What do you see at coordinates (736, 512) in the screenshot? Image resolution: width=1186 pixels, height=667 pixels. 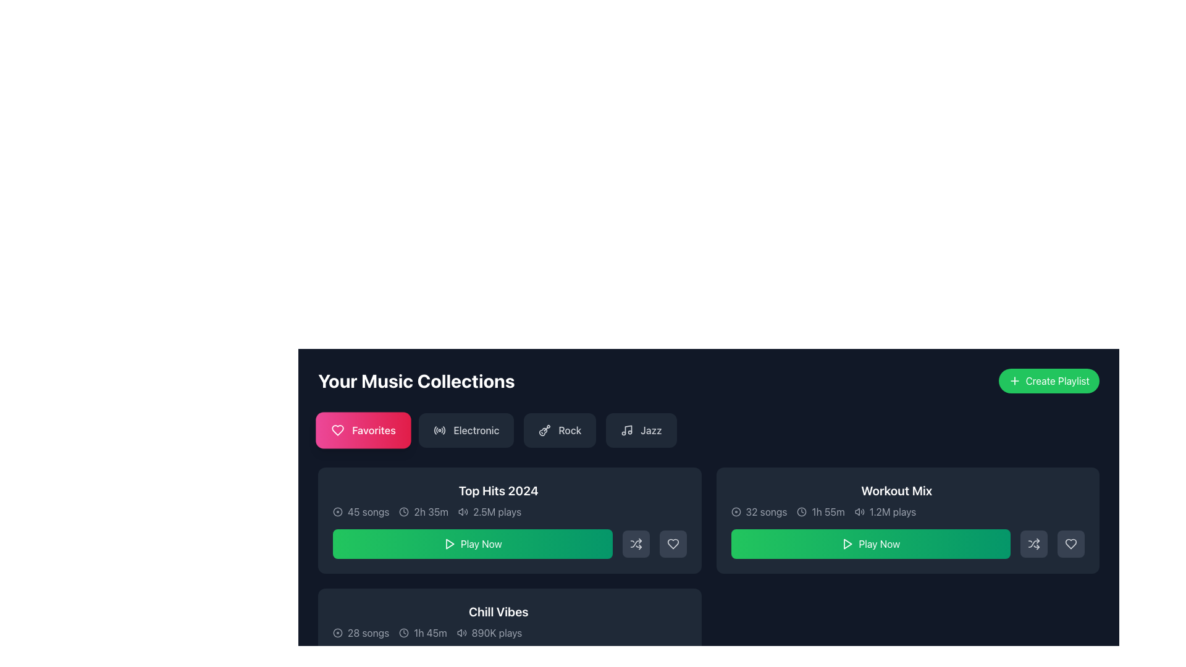 I see `the graphical icon resembling a compact disc located to the left of the '32 songs' text within the 'Workout Mix' playlist card` at bounding box center [736, 512].